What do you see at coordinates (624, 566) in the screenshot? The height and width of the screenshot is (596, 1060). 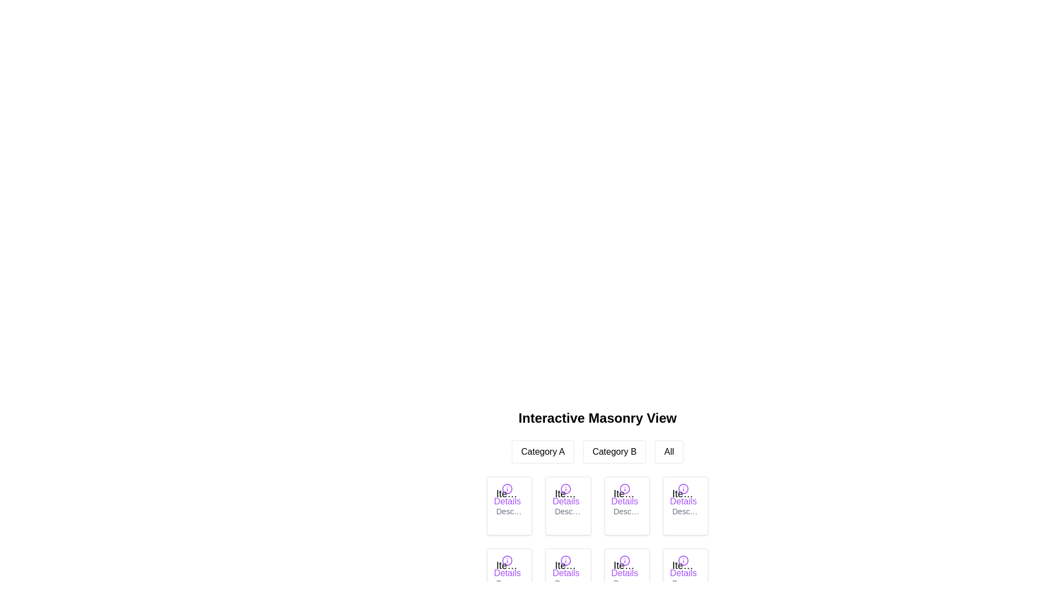 I see `the purple textual hyperlink labeled 'Details' located in the top-right corner of the 'Item 7' card` at bounding box center [624, 566].